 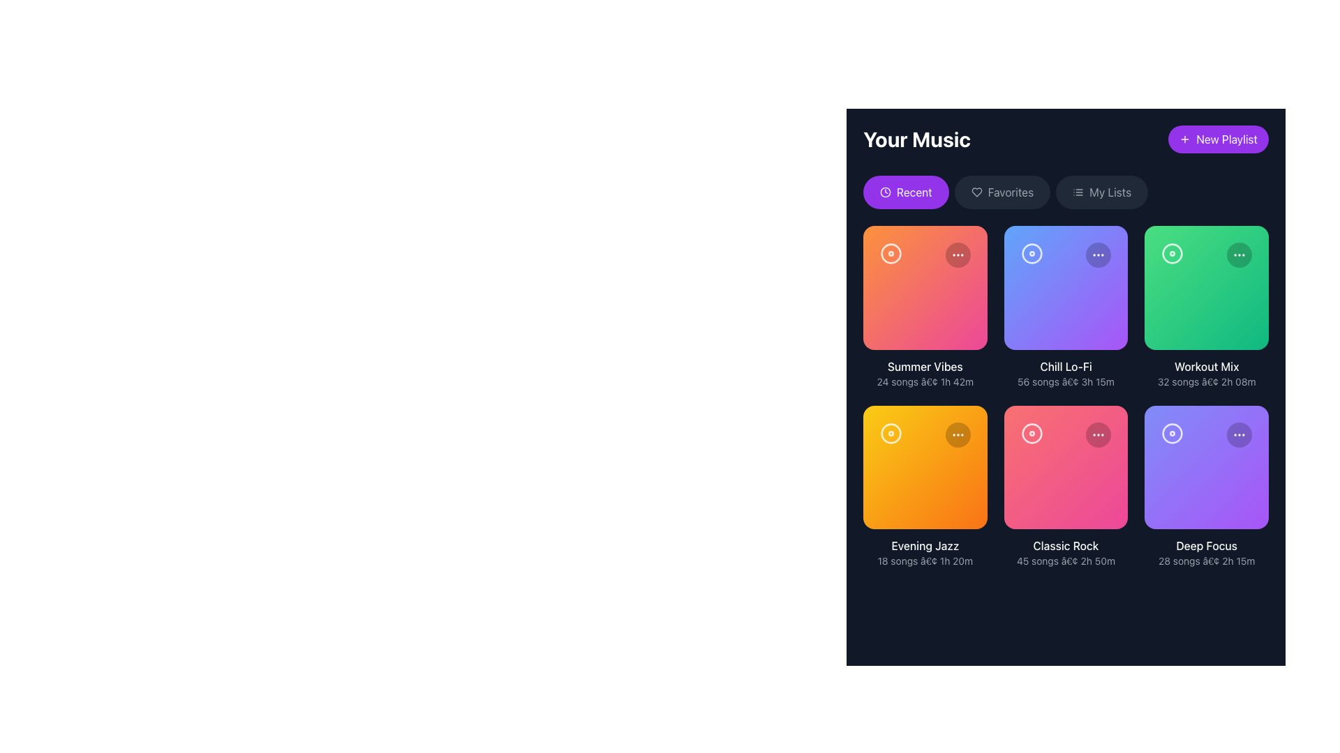 I want to click on the SVG circle representing an attribute or feature within the 'Classic Rock' playlist tile, located at the center of the tile in the middle row, center column of the grid, so click(x=1032, y=432).